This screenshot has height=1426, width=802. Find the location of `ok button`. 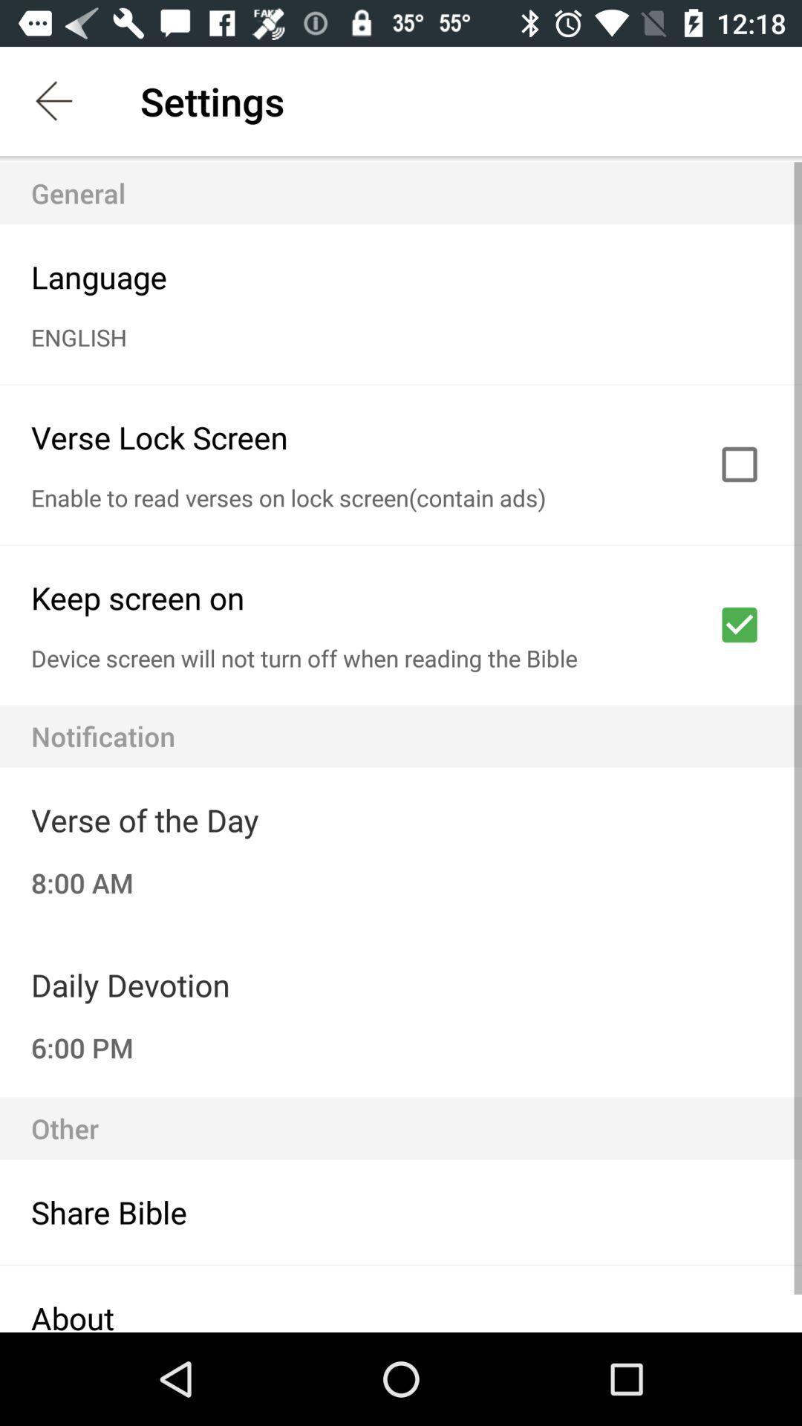

ok button is located at coordinates (739, 625).